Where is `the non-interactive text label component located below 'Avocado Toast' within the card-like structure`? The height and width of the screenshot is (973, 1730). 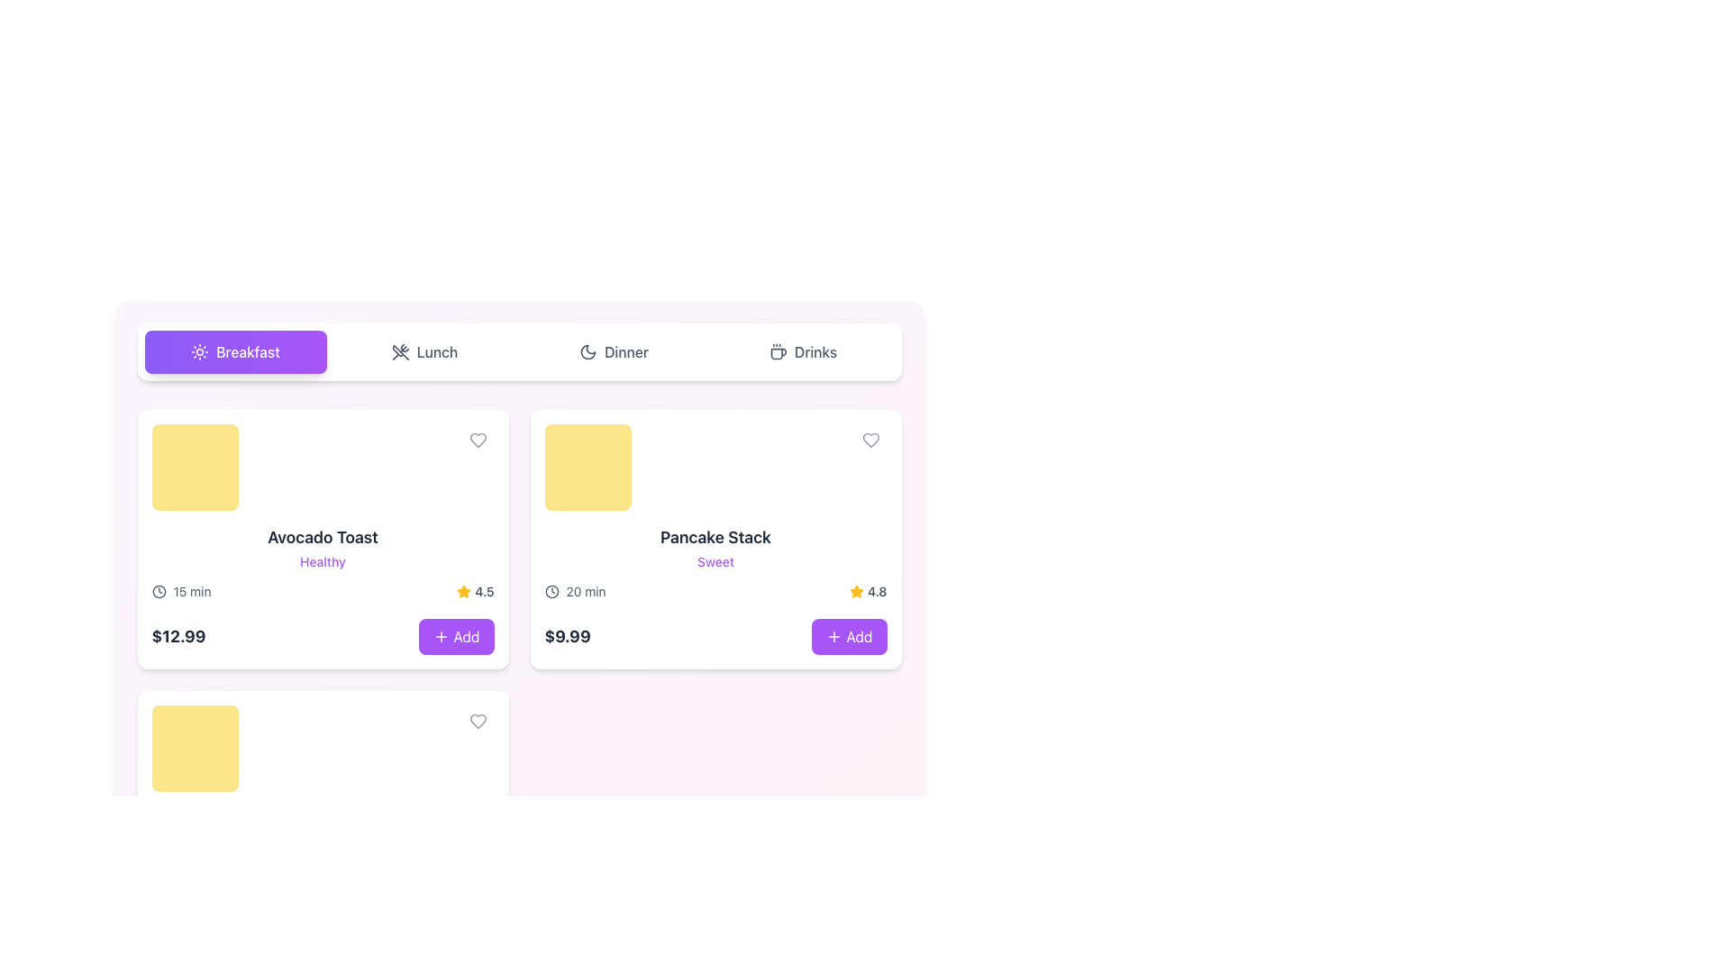
the non-interactive text label component located below 'Avocado Toast' within the card-like structure is located at coordinates (323, 560).